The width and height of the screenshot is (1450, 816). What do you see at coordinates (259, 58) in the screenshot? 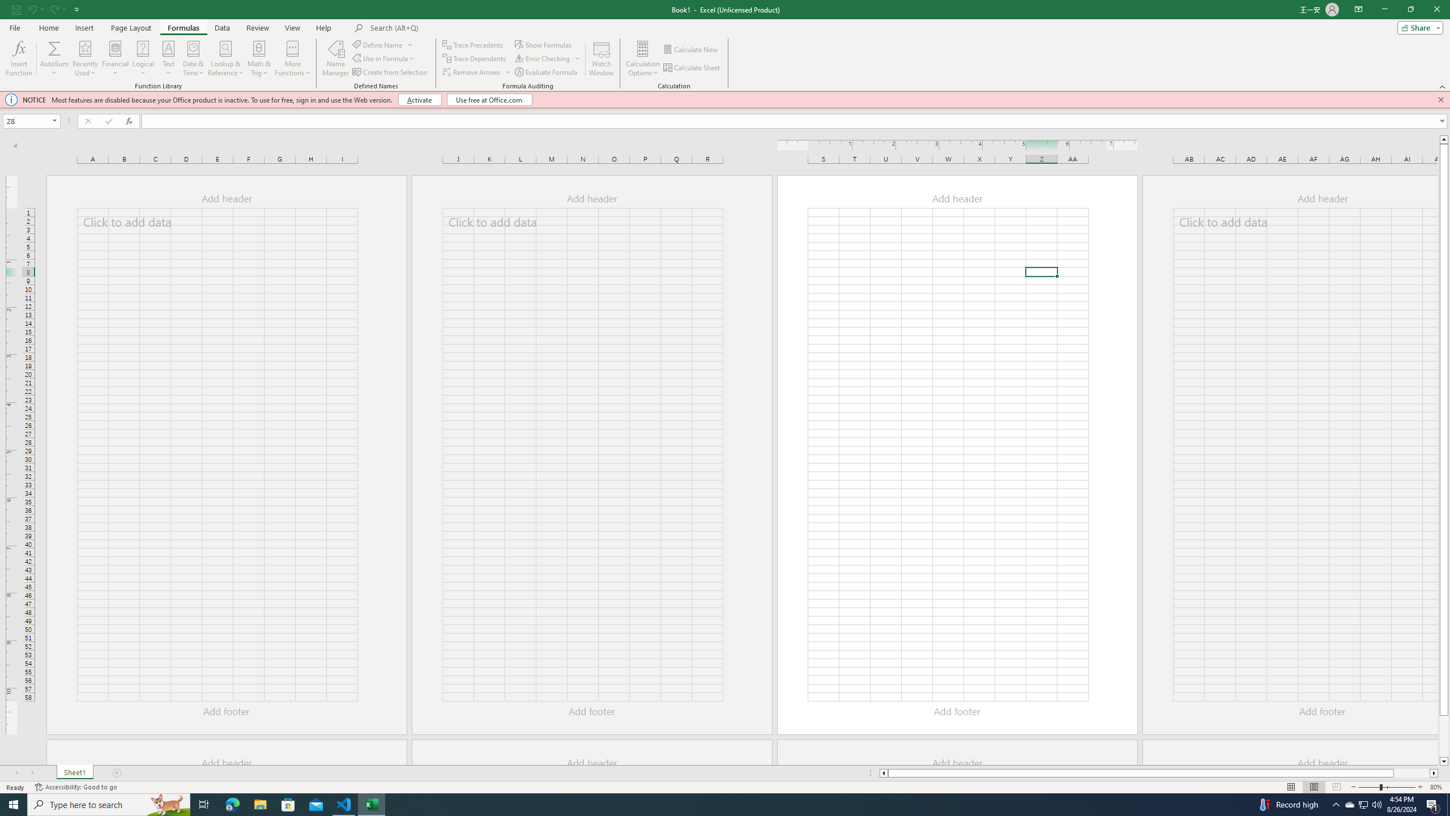
I see `'Math & Trig'` at bounding box center [259, 58].